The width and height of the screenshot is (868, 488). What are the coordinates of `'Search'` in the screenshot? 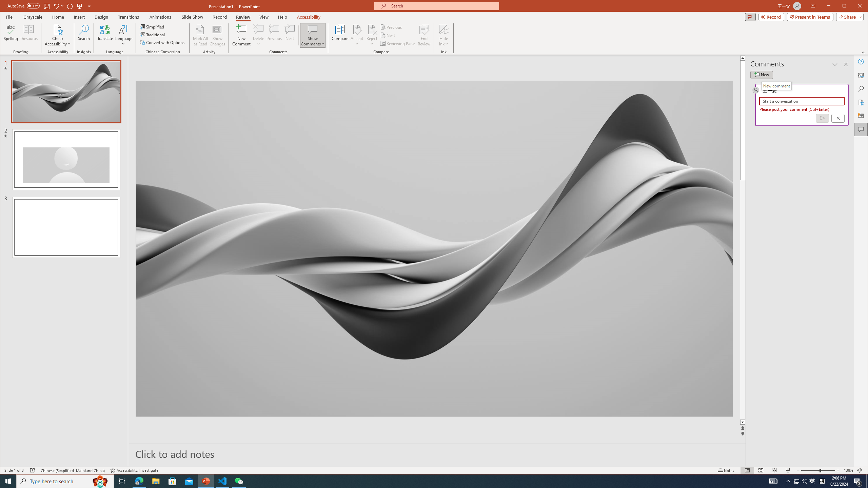 It's located at (84, 35).